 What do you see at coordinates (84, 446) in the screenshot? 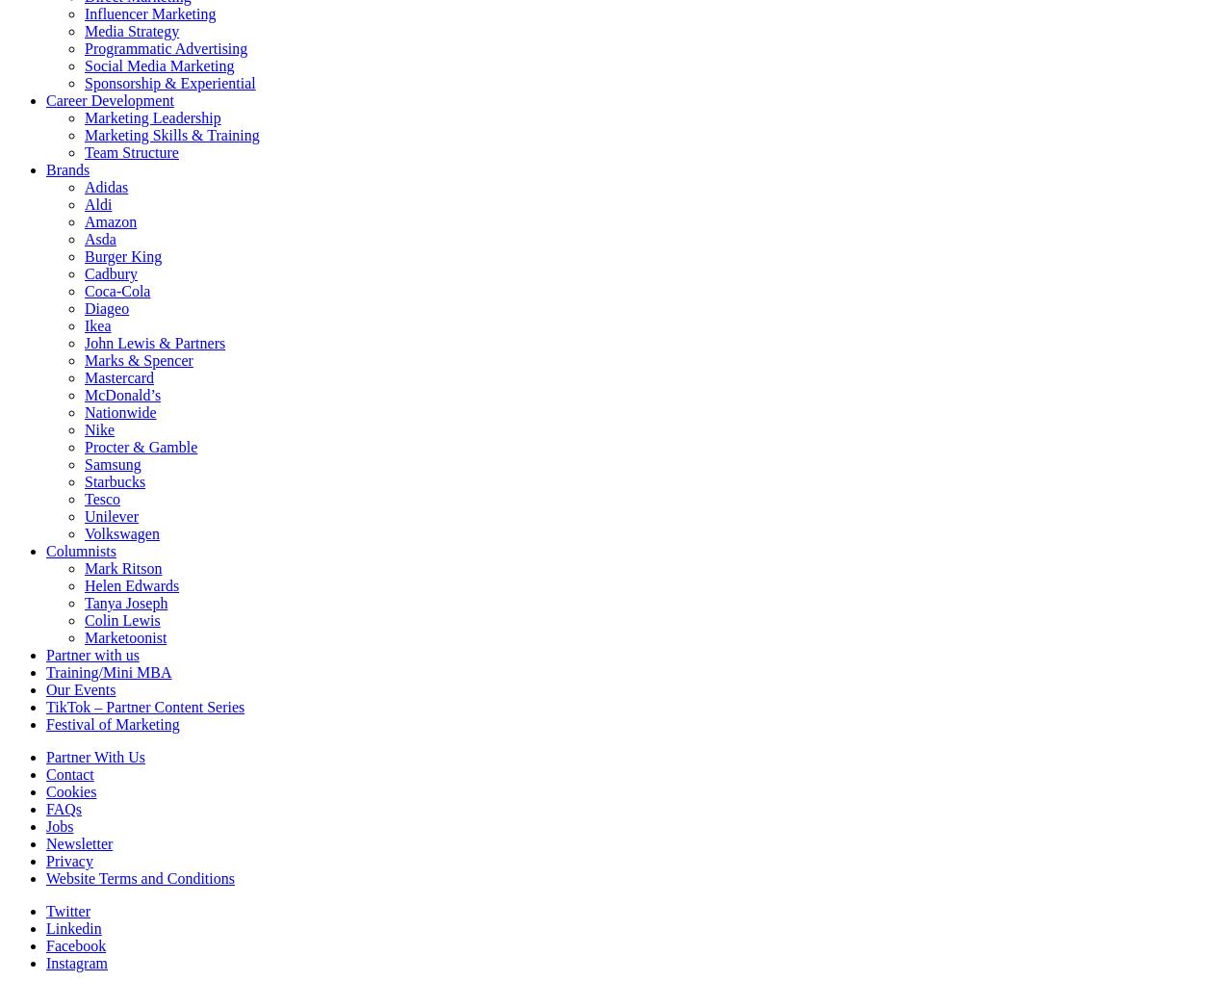
I see `'Procter & Gamble'` at bounding box center [84, 446].